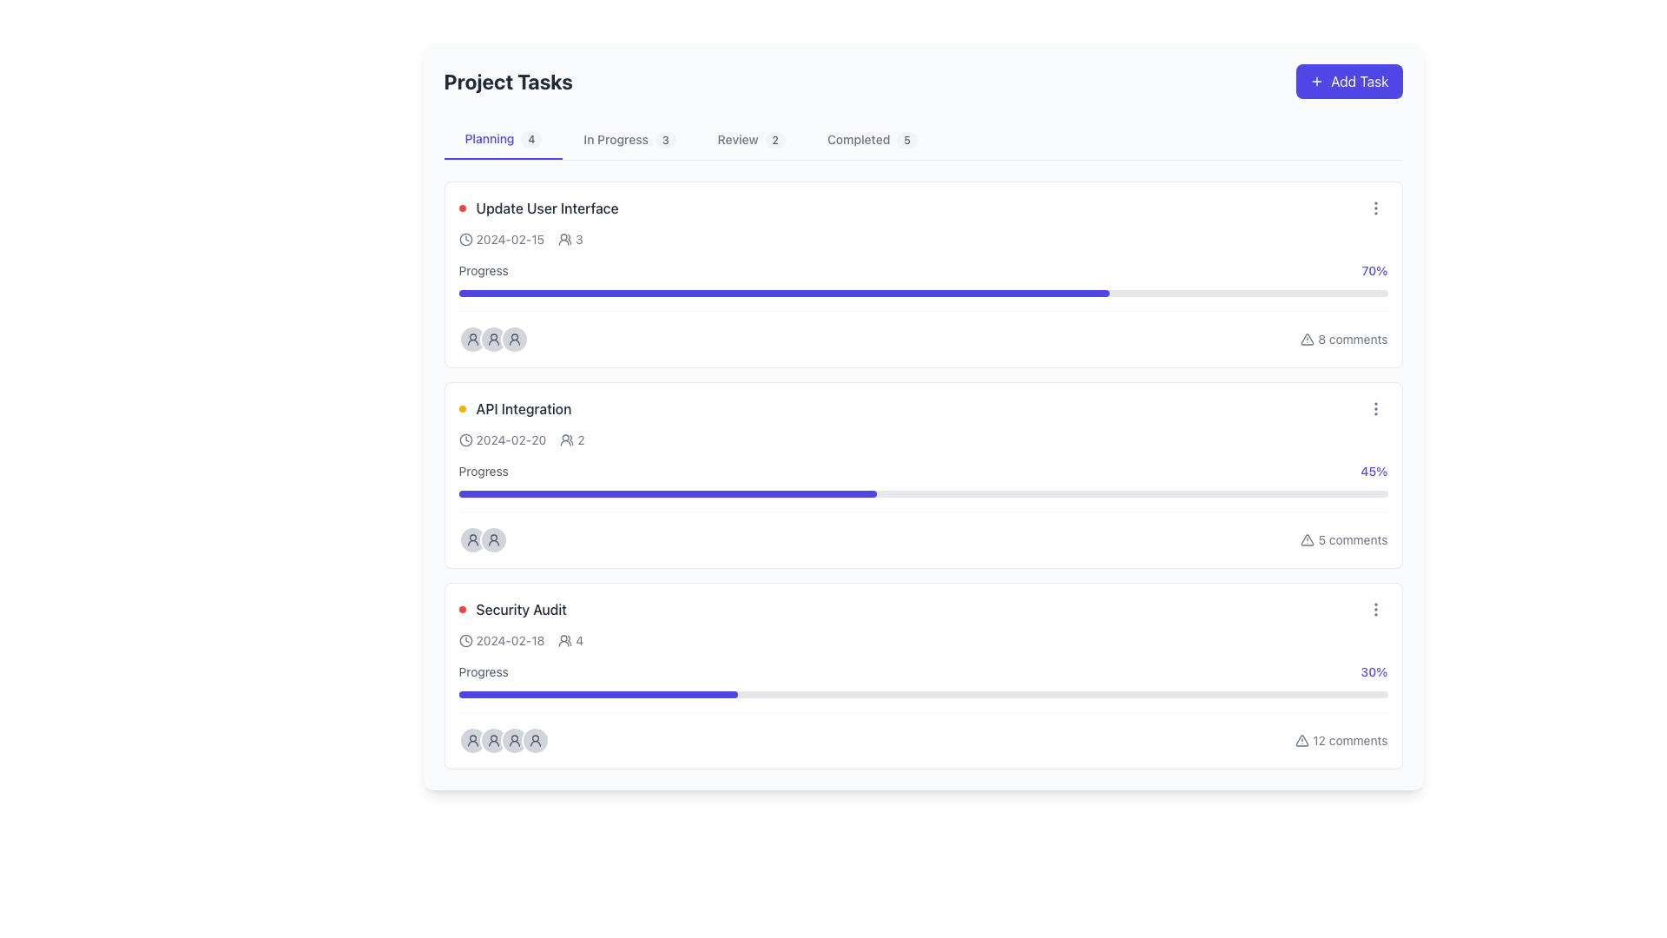 The image size is (1667, 938). Describe the element at coordinates (546, 207) in the screenshot. I see `text from the title label of the first task entry in the vertical task list, which is located to the right of a small red circular icon` at that location.